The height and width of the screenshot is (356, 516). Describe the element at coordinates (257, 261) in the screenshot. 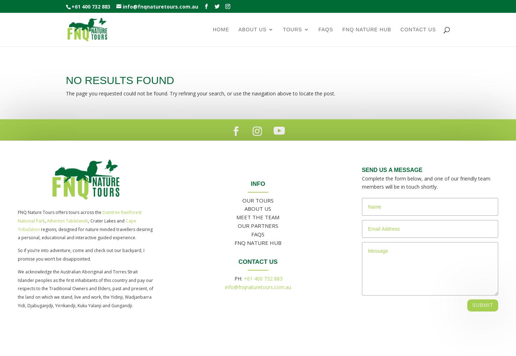

I see `'CONTACT US'` at that location.